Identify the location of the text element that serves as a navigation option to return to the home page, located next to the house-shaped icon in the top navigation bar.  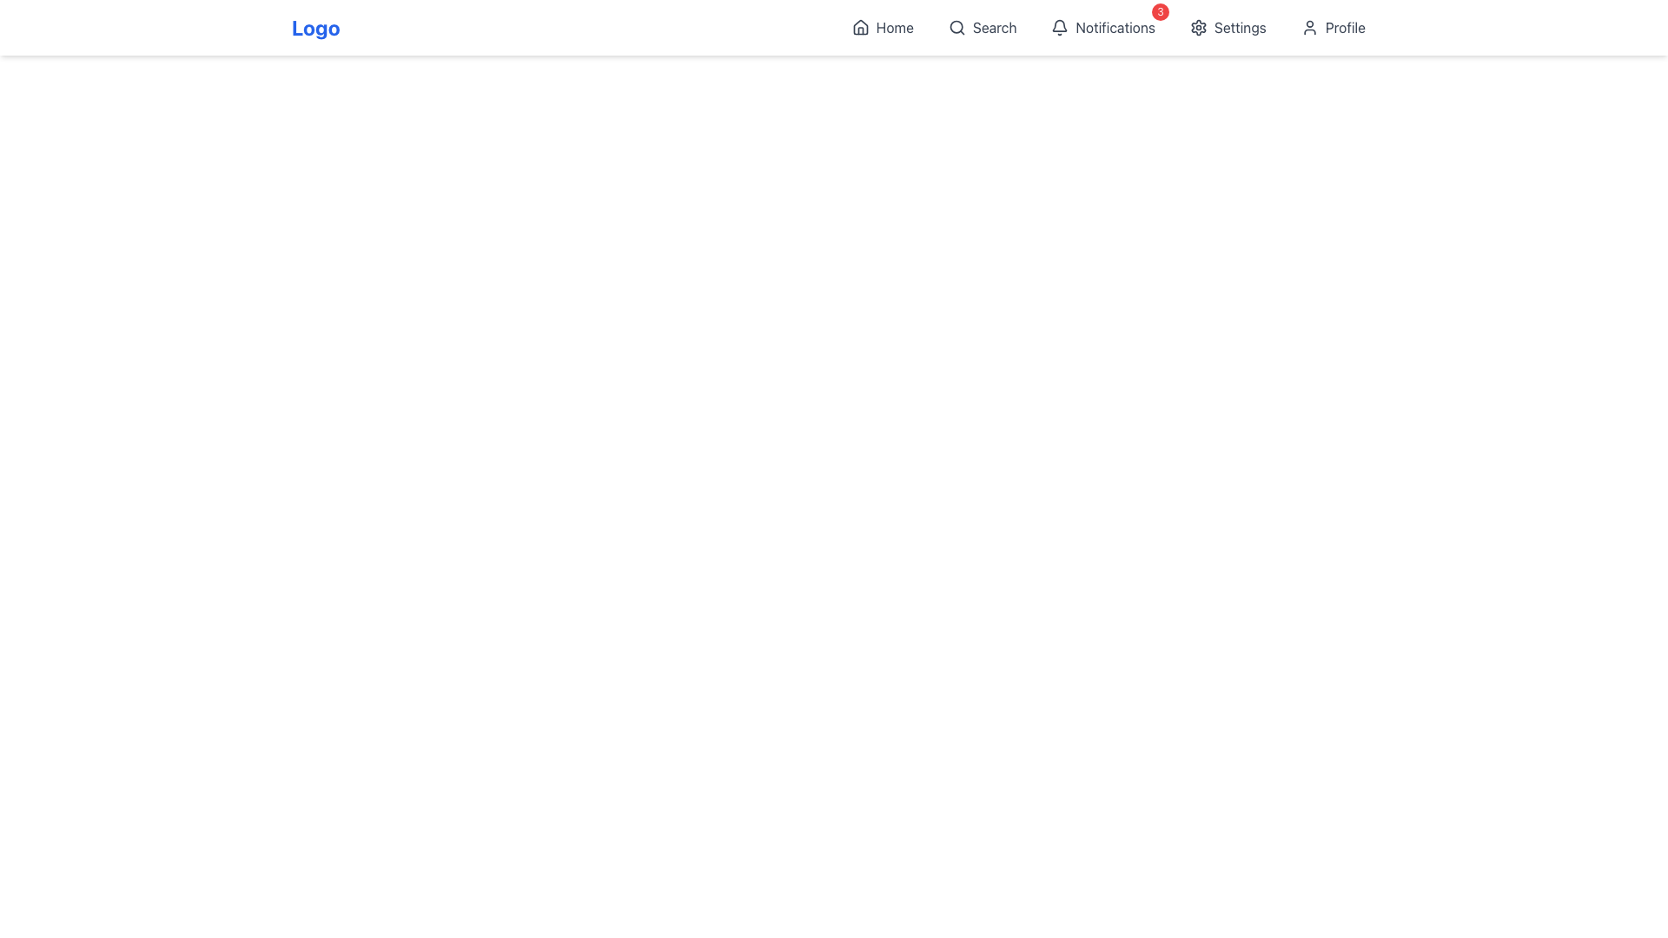
(895, 27).